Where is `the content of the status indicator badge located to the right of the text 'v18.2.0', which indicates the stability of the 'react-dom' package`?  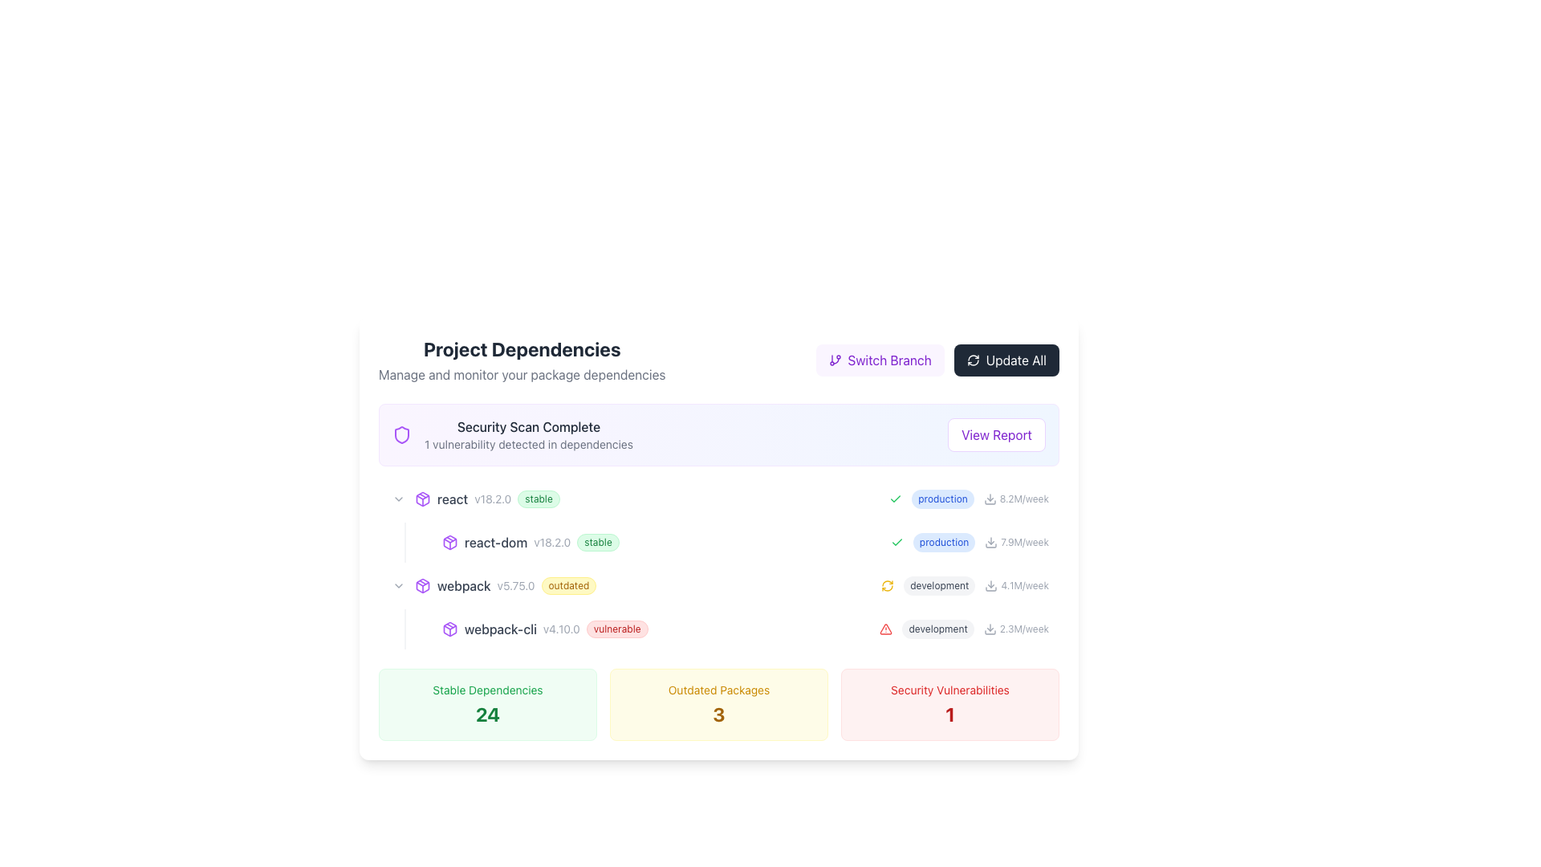 the content of the status indicator badge located to the right of the text 'v18.2.0', which indicates the stability of the 'react-dom' package is located at coordinates (597, 542).